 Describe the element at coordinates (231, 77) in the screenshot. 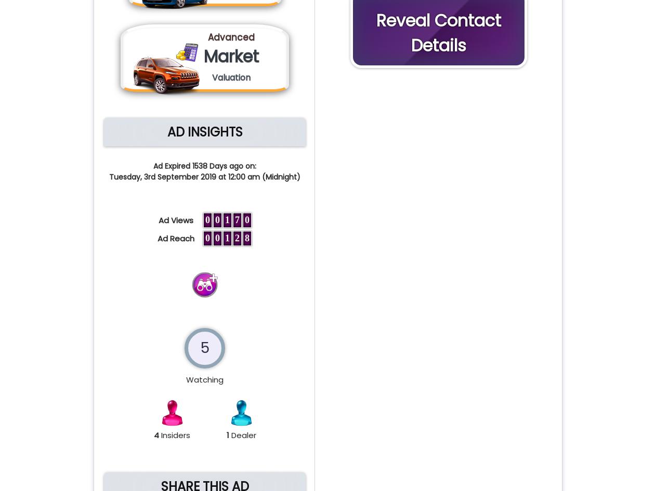

I see `'Valuation'` at that location.